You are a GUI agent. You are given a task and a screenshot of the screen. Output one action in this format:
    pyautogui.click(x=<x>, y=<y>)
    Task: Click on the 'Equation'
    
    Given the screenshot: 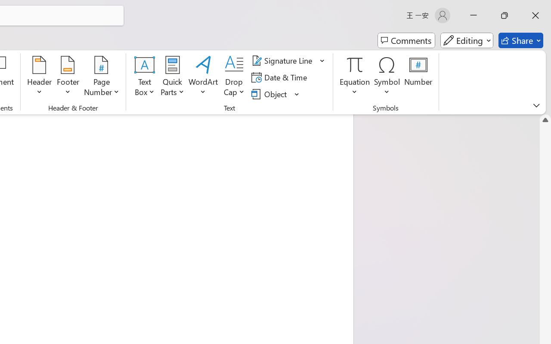 What is the action you would take?
    pyautogui.click(x=355, y=64)
    